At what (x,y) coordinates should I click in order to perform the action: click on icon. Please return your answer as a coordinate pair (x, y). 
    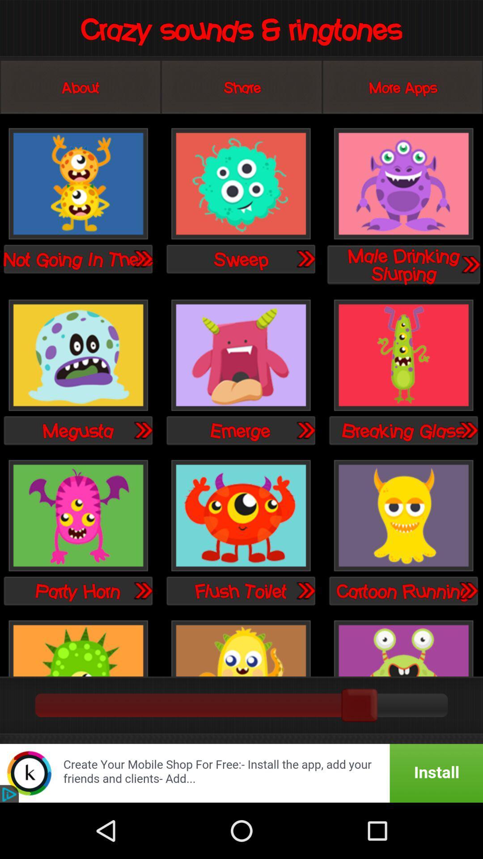
    Looking at the image, I should click on (403, 516).